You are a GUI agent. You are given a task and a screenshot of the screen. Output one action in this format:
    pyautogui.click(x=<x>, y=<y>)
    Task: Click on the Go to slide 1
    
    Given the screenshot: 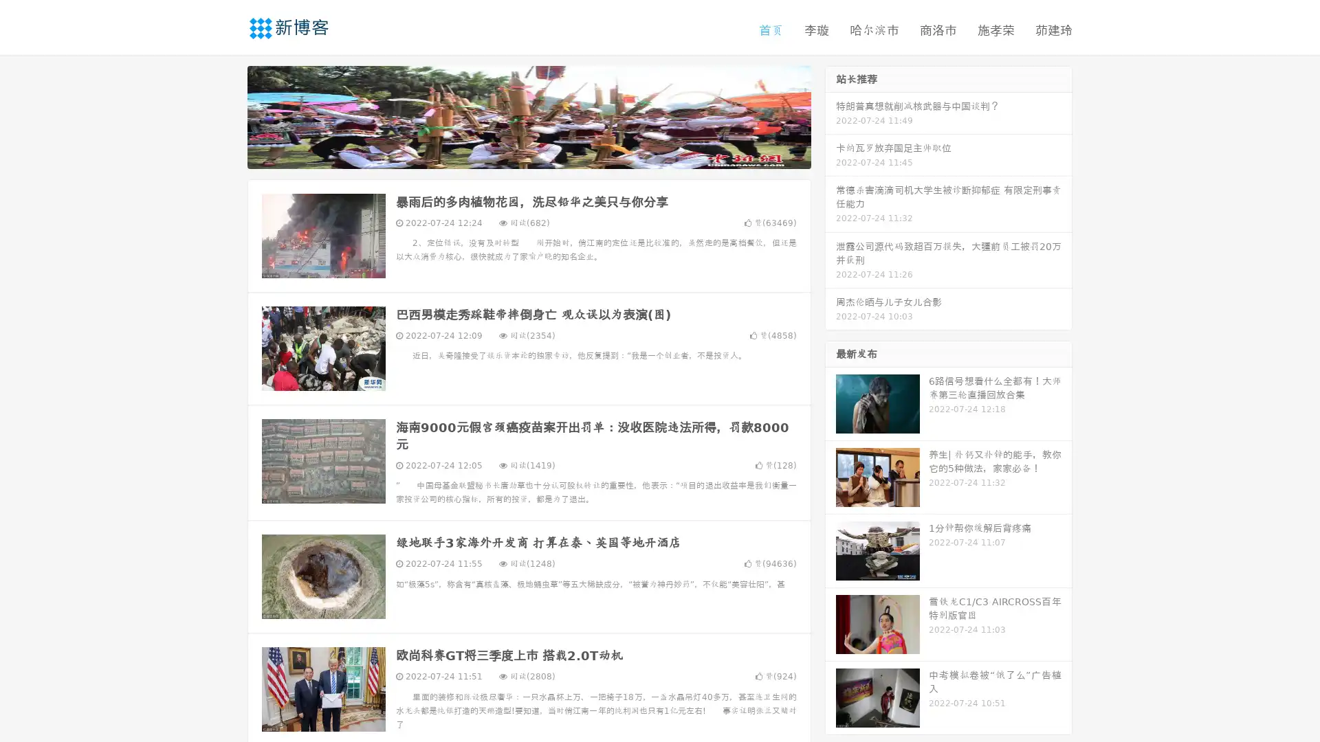 What is the action you would take?
    pyautogui.click(x=514, y=155)
    